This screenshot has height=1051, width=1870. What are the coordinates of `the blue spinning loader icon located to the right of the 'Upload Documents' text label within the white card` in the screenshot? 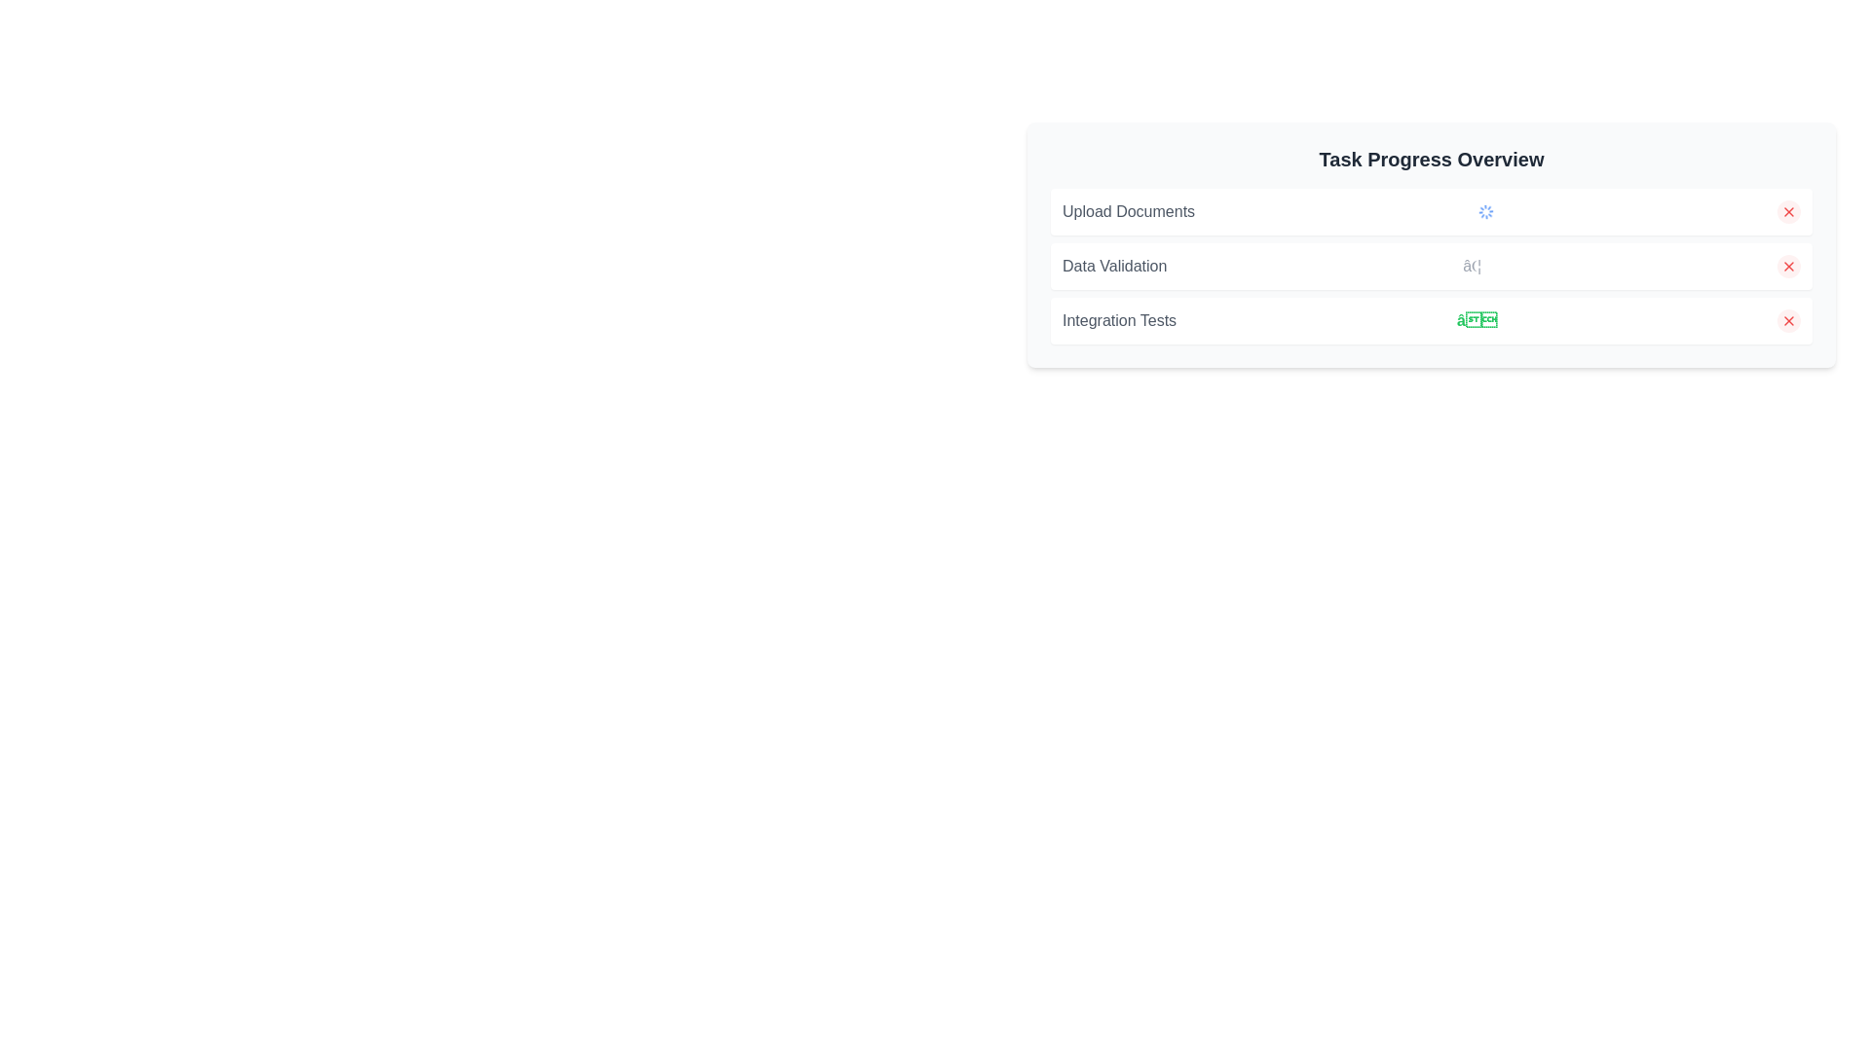 It's located at (1485, 212).